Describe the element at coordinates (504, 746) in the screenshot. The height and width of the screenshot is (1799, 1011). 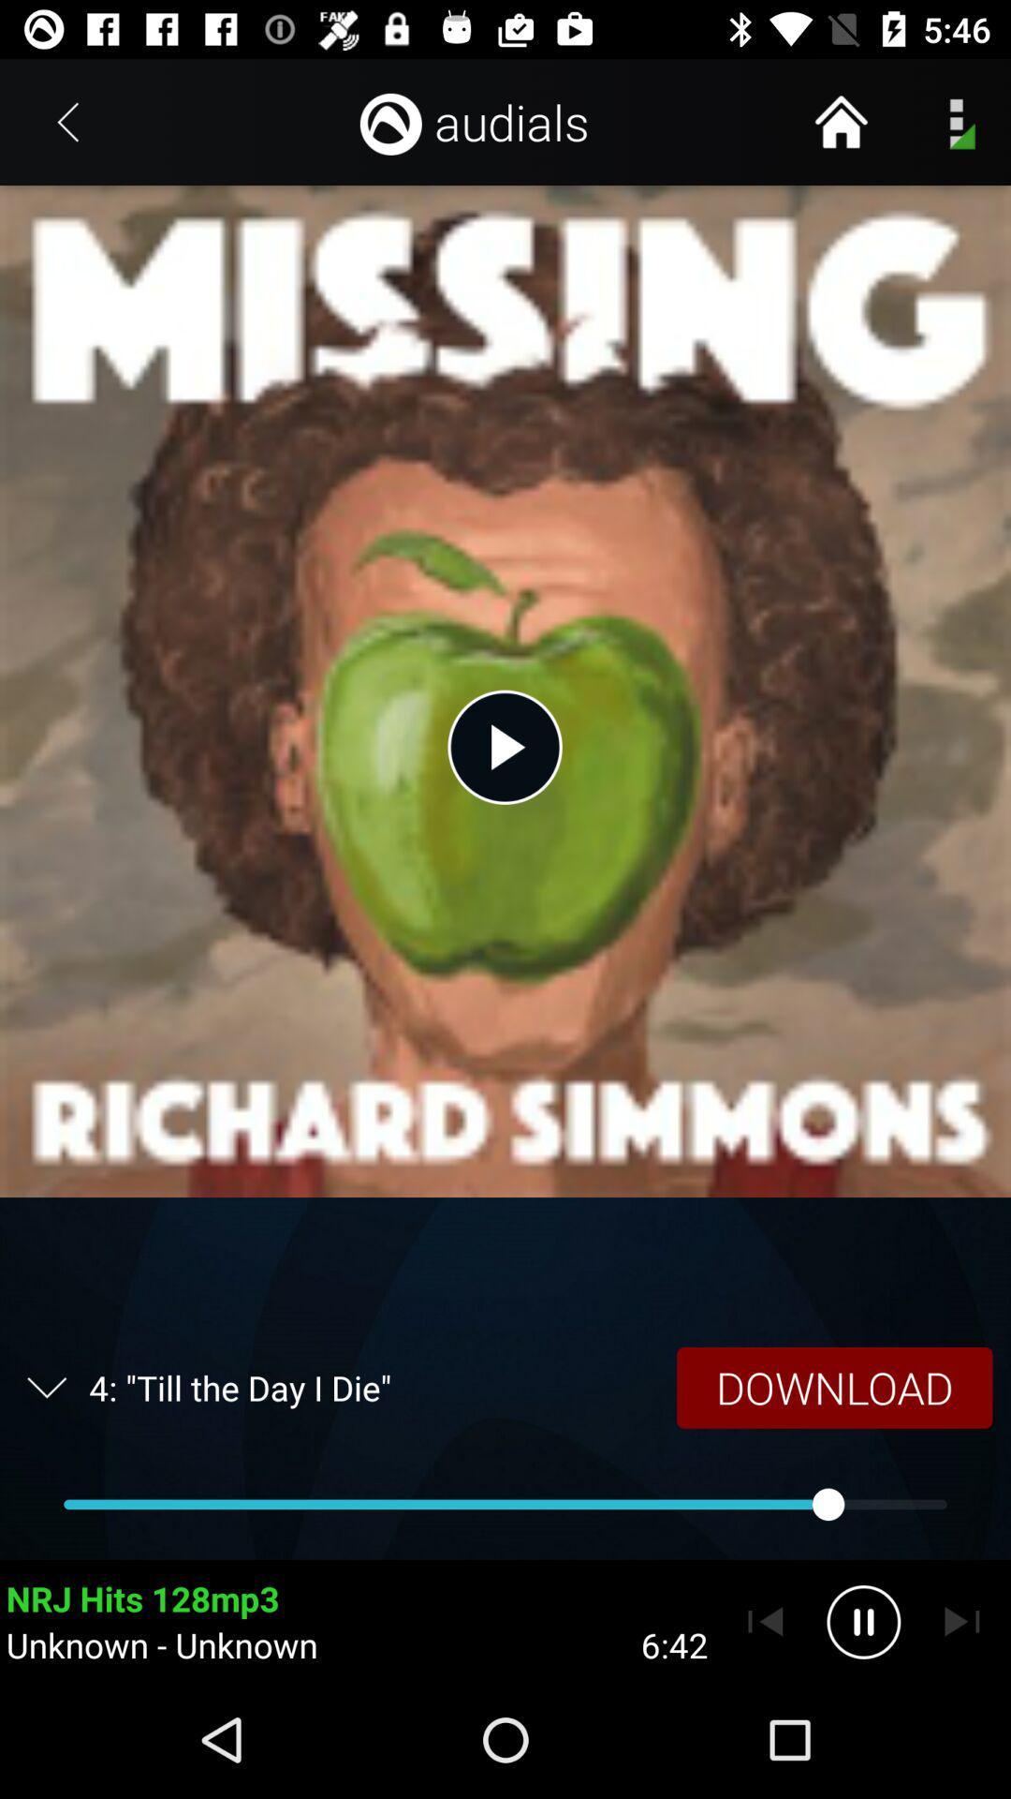
I see `press to play` at that location.